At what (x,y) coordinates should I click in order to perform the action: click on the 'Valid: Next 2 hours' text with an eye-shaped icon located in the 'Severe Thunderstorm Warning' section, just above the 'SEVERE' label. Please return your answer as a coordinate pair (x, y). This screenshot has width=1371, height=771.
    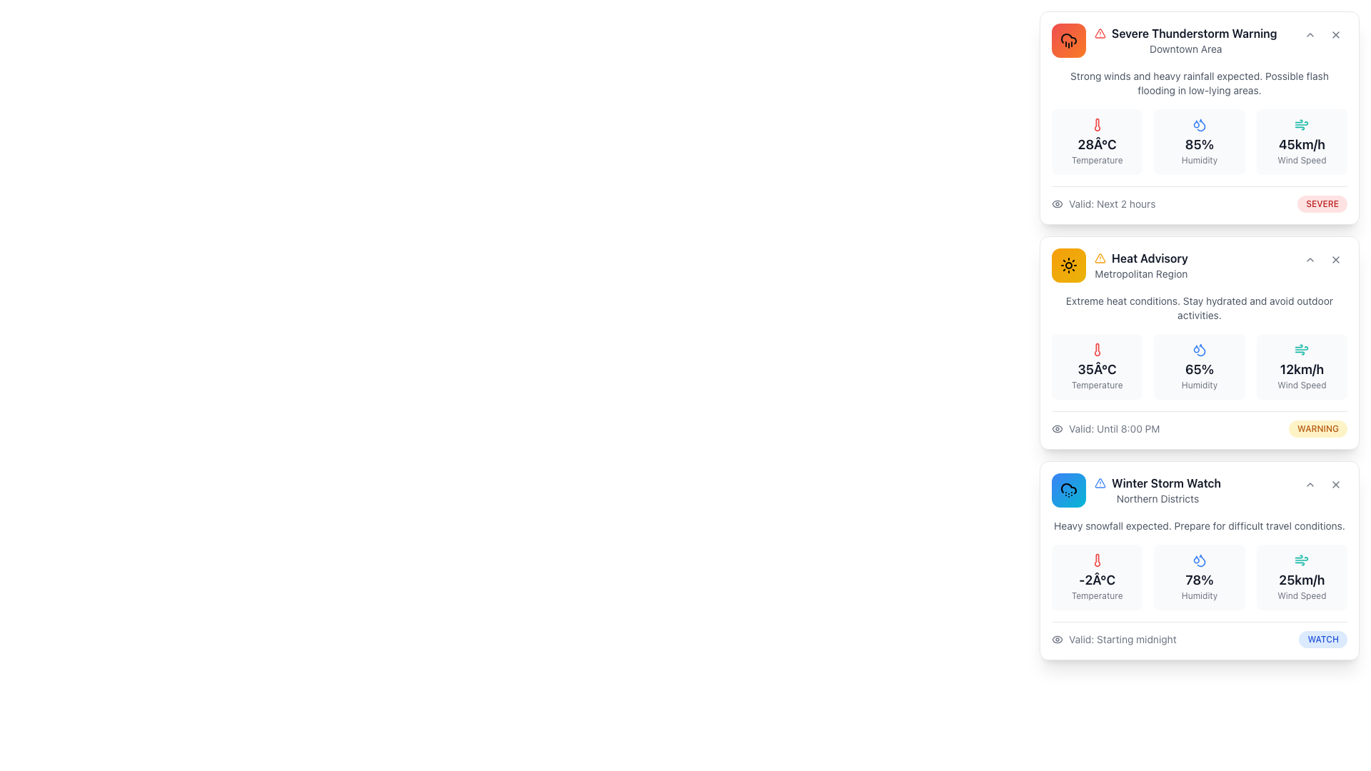
    Looking at the image, I should click on (1103, 203).